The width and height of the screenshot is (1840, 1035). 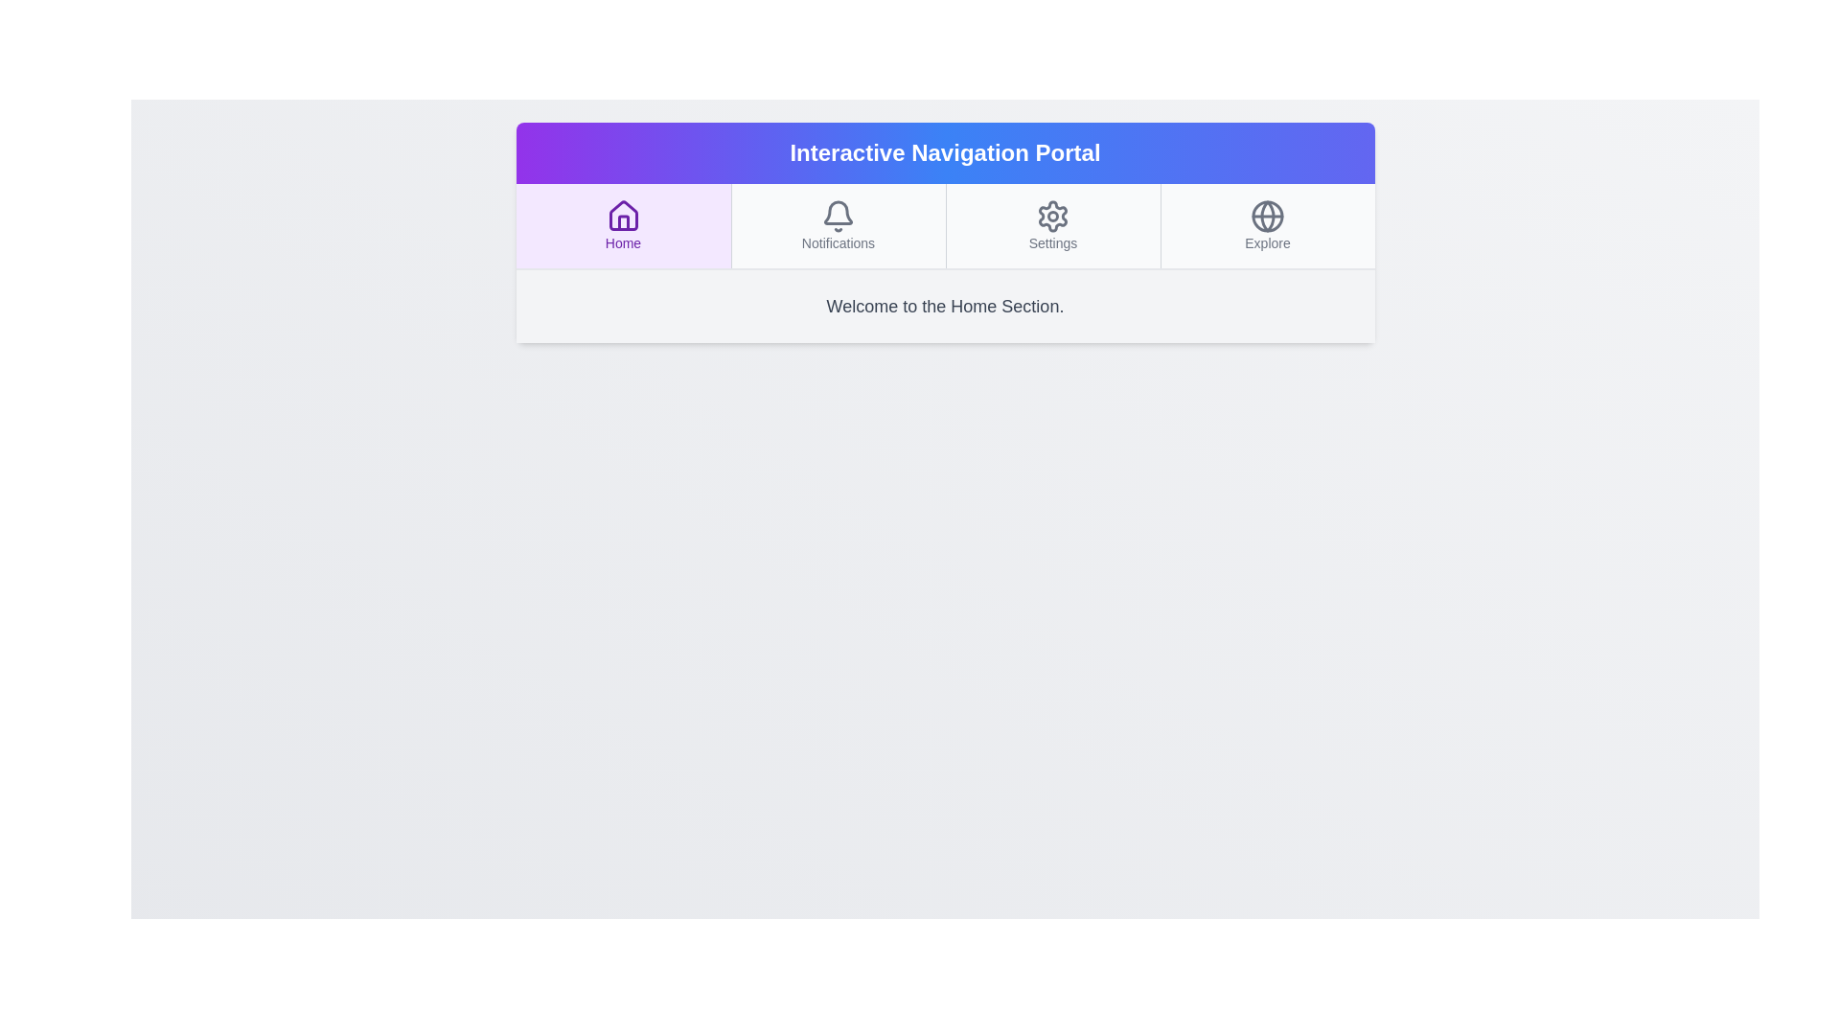 What do you see at coordinates (838, 224) in the screenshot?
I see `the second item in the horizontal navigation bar` at bounding box center [838, 224].